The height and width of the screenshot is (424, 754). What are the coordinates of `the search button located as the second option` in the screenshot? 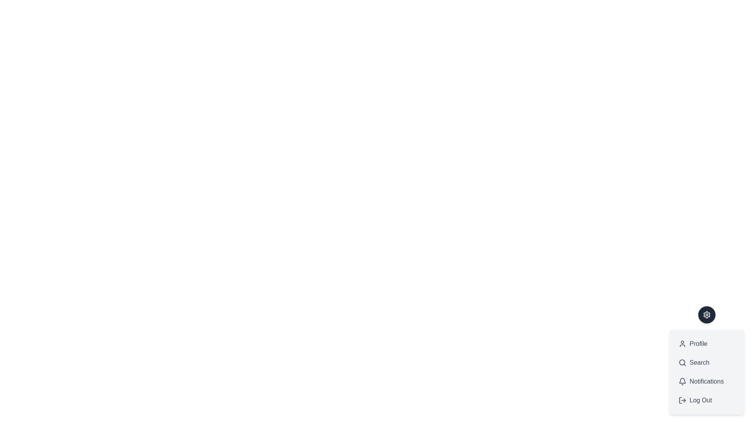 It's located at (707, 363).